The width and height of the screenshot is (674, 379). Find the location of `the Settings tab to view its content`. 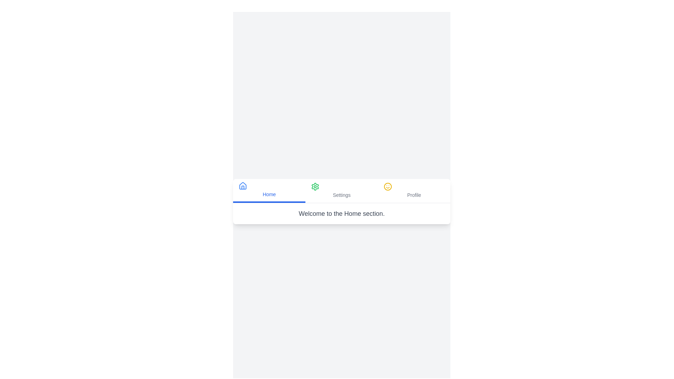

the Settings tab to view its content is located at coordinates (342, 191).